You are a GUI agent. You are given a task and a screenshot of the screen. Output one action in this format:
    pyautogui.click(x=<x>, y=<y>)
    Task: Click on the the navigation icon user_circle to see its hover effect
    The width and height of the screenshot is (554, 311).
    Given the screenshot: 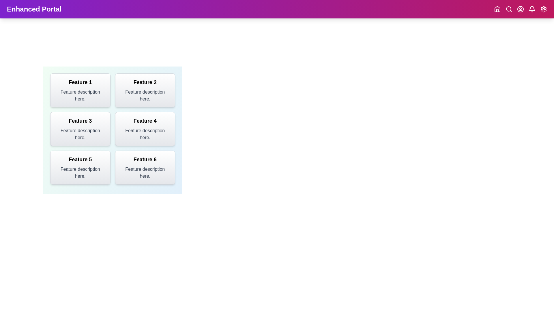 What is the action you would take?
    pyautogui.click(x=521, y=9)
    